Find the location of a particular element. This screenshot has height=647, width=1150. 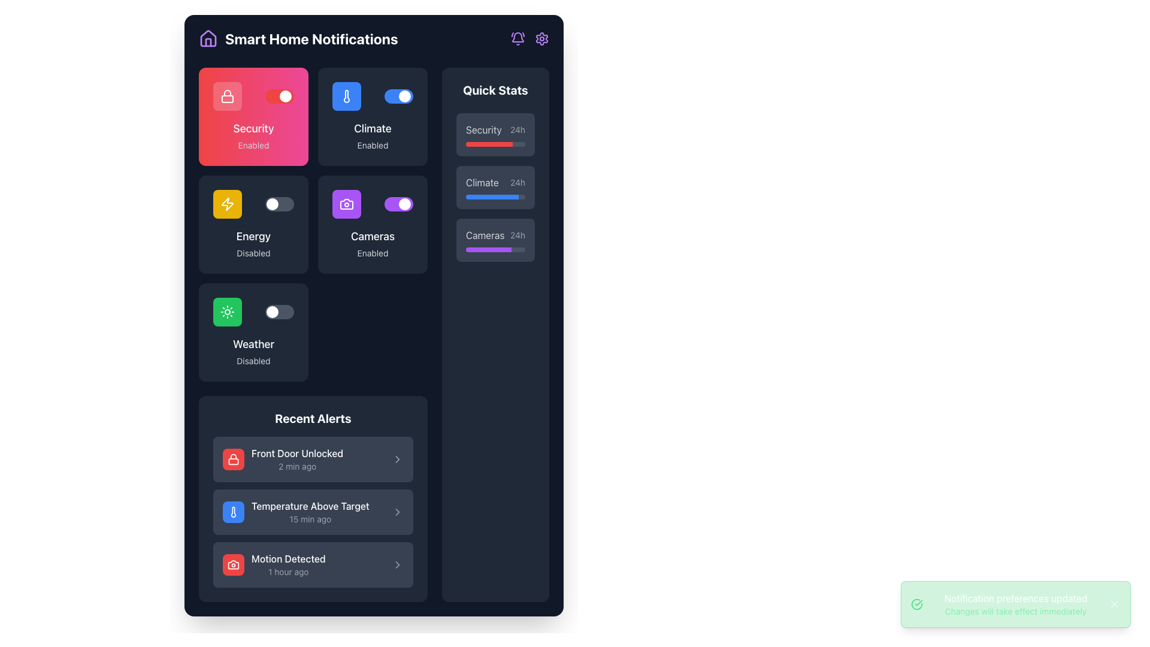

security activity level is located at coordinates (465, 143).